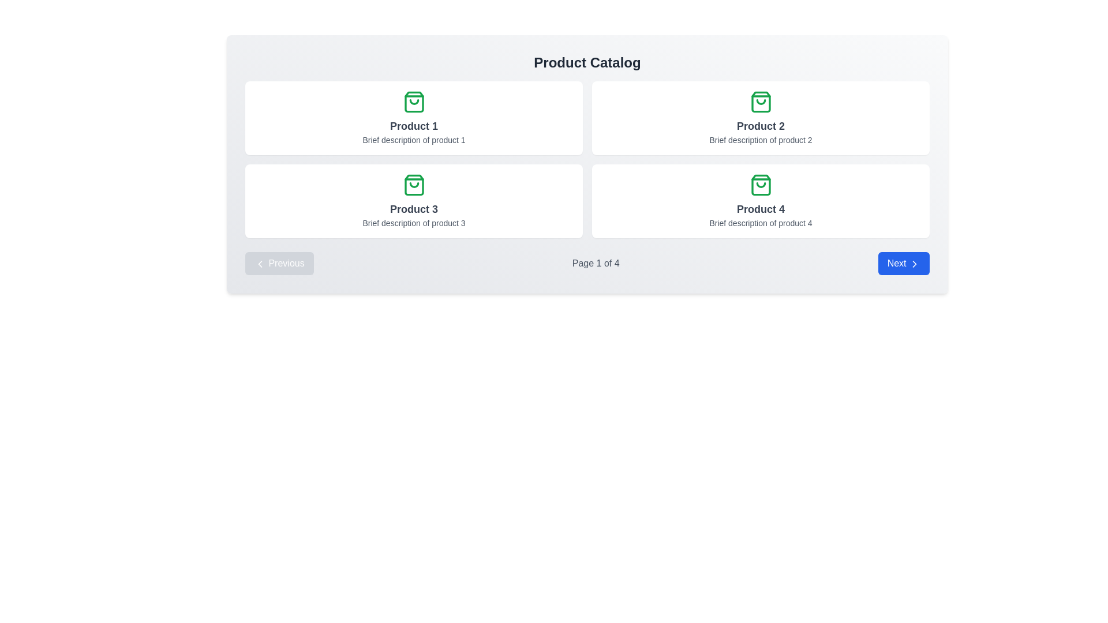 The width and height of the screenshot is (1108, 623). I want to click on text label providing details about 'Product 3', located beneath the bold title in the third product card, centered within the card, so click(414, 223).